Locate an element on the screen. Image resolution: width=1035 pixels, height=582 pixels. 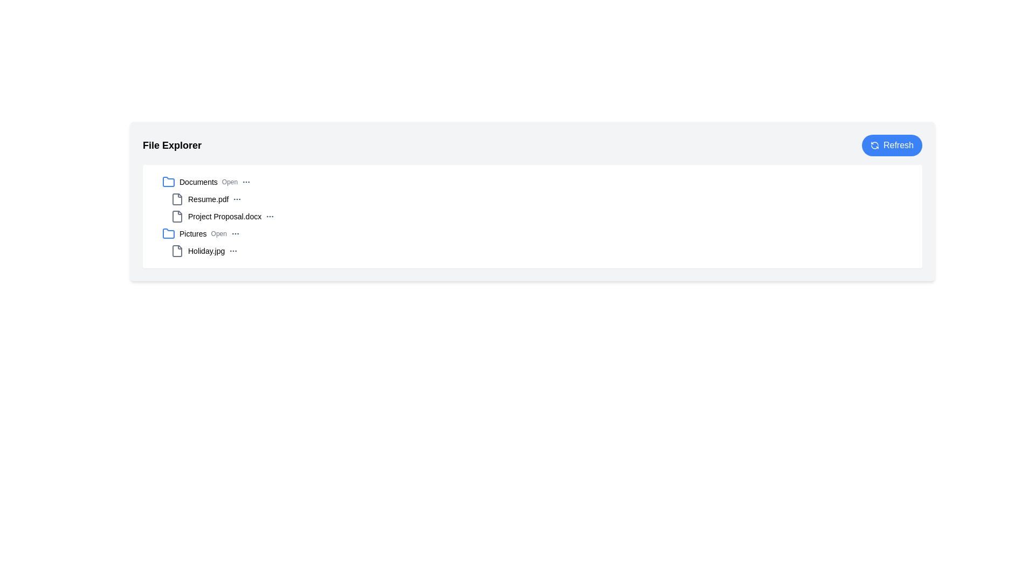
the blue folder icon representing the 'Documents Open' entry for quick navigation is located at coordinates (168, 182).